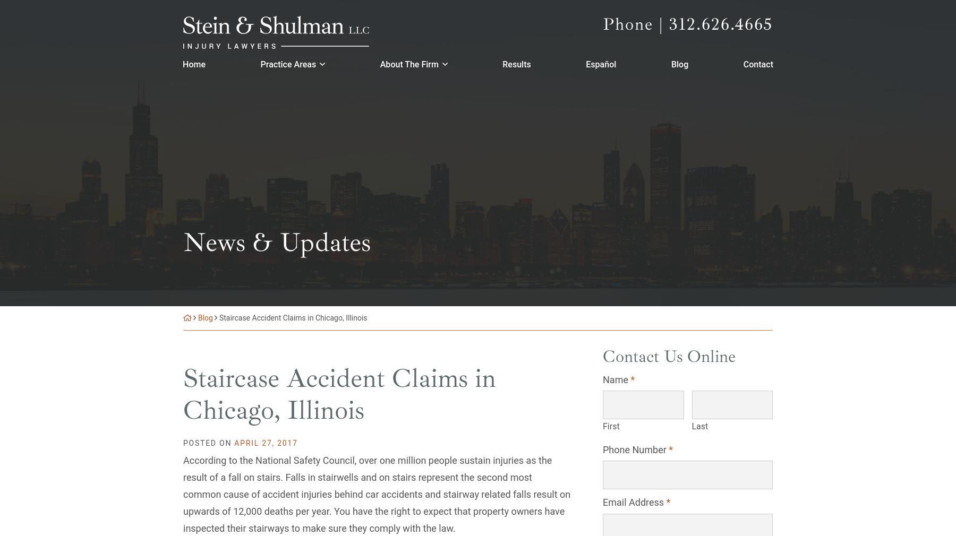 The width and height of the screenshot is (956, 536). Describe the element at coordinates (625, 489) in the screenshot. I see `'Follow Us'` at that location.